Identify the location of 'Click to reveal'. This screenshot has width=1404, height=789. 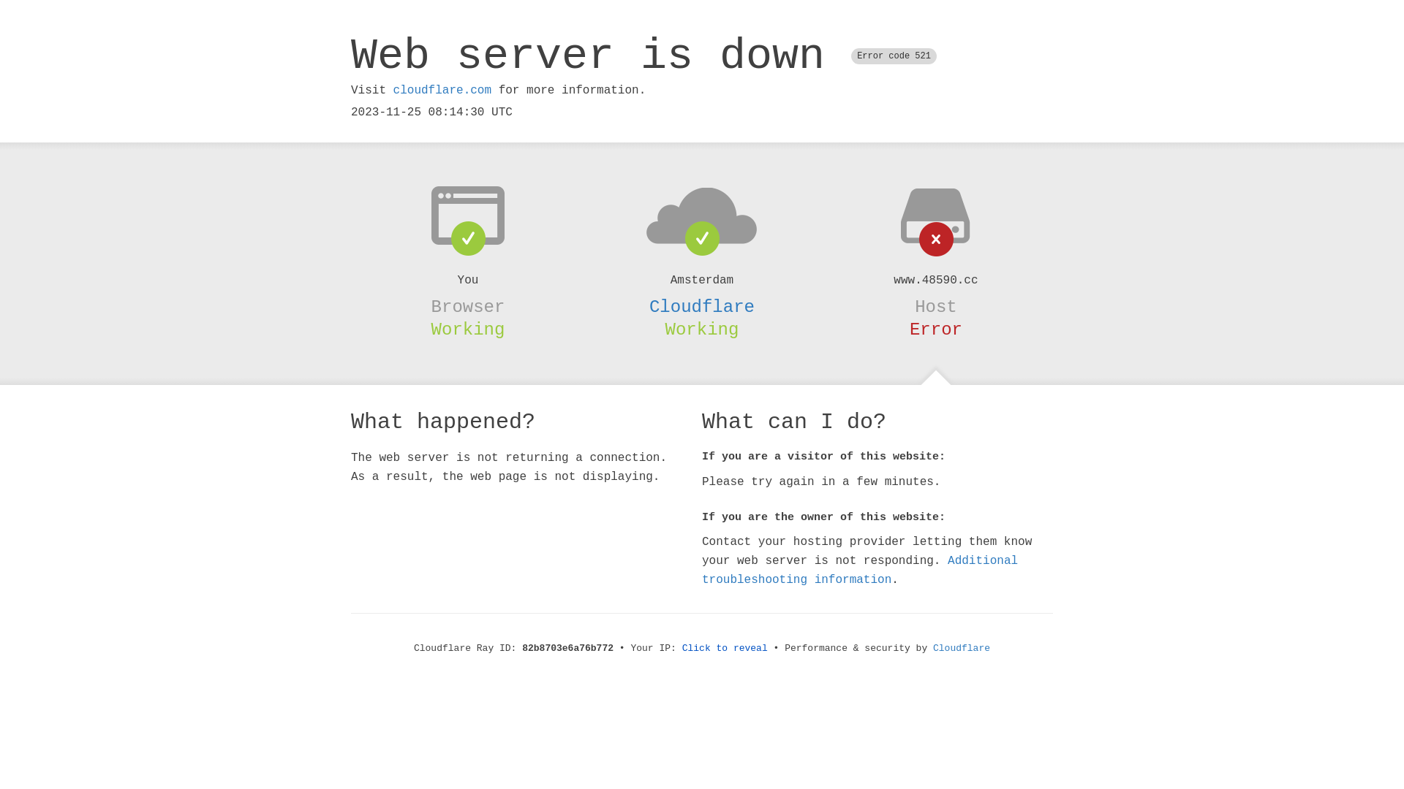
(725, 647).